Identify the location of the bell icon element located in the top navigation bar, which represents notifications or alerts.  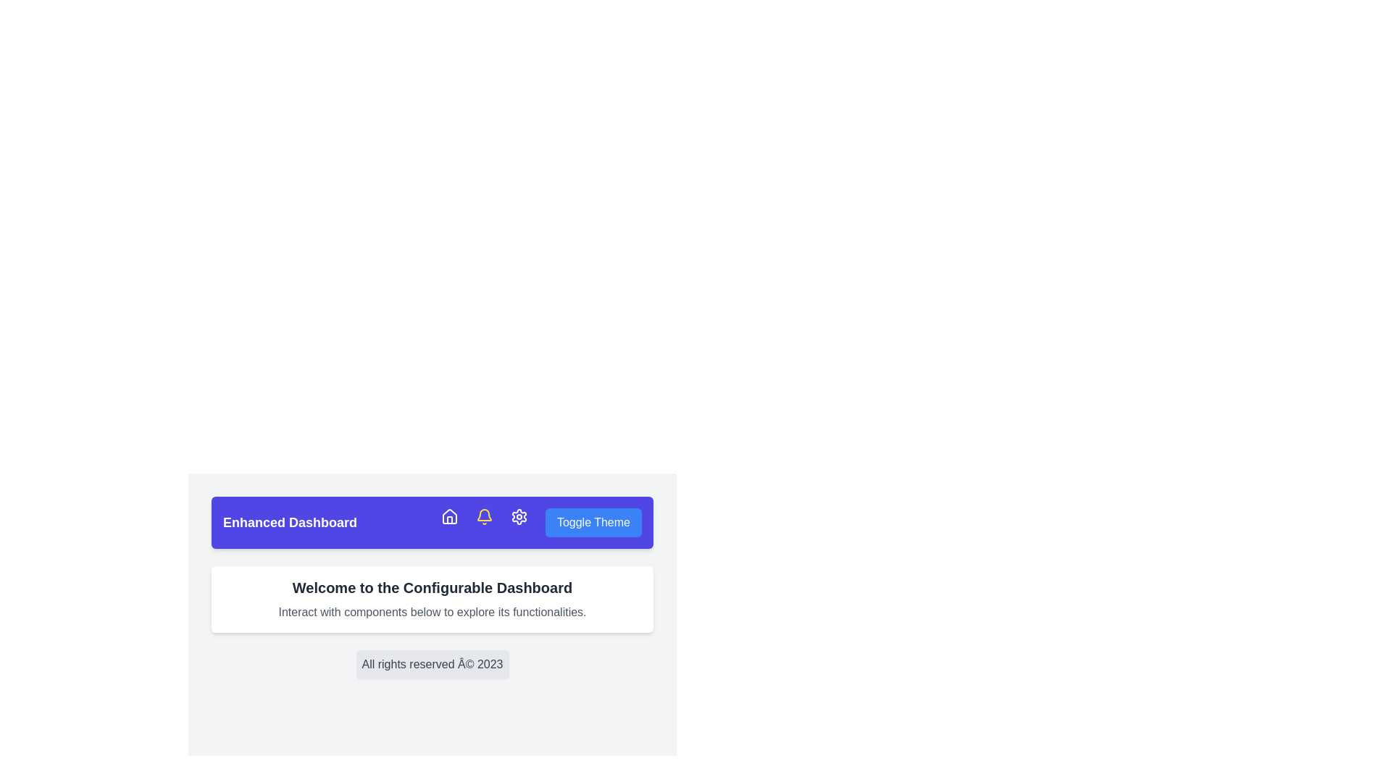
(484, 514).